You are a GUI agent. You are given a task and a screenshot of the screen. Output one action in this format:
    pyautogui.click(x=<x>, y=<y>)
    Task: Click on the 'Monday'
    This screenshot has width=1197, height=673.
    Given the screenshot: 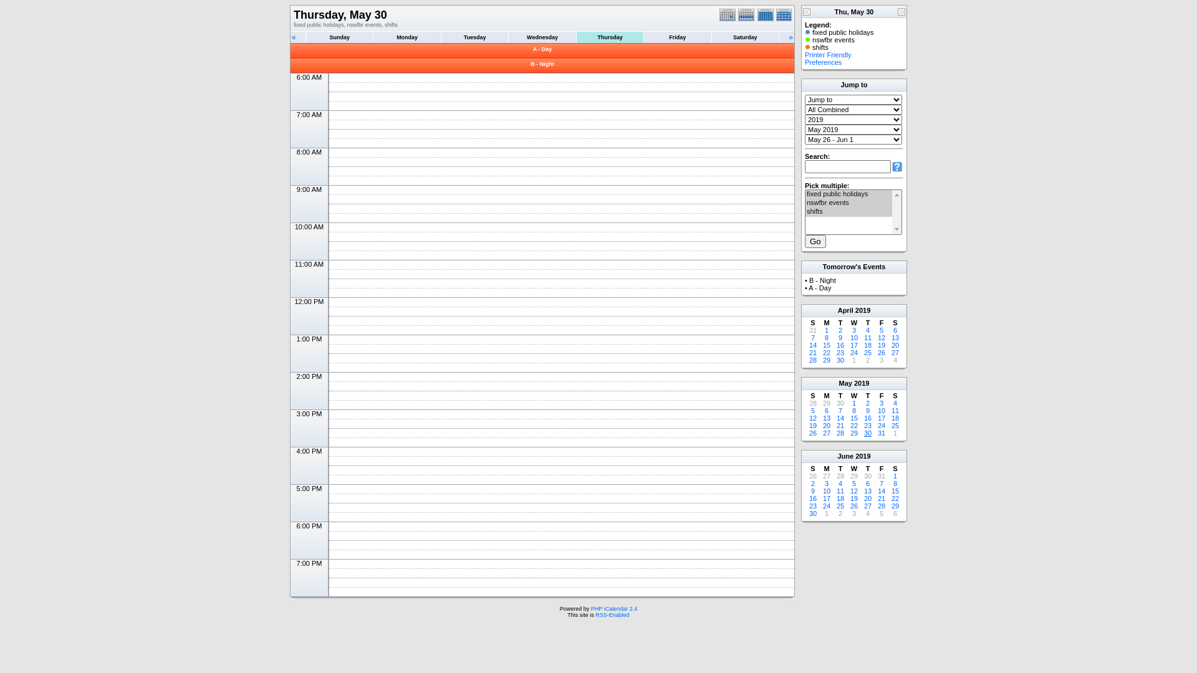 What is the action you would take?
    pyautogui.click(x=406, y=36)
    